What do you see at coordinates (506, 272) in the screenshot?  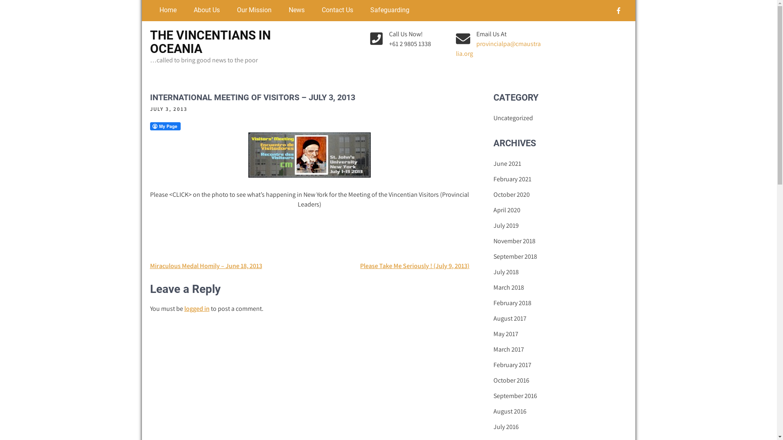 I see `'July 2018'` at bounding box center [506, 272].